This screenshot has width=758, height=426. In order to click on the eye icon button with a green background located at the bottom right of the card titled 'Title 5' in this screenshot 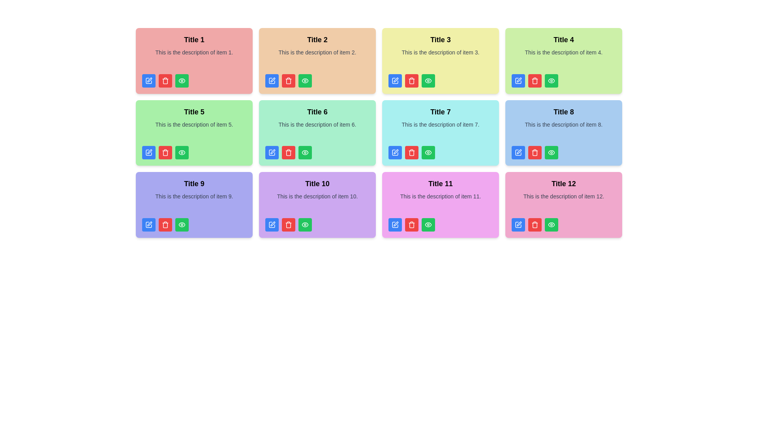, I will do `click(181, 80)`.